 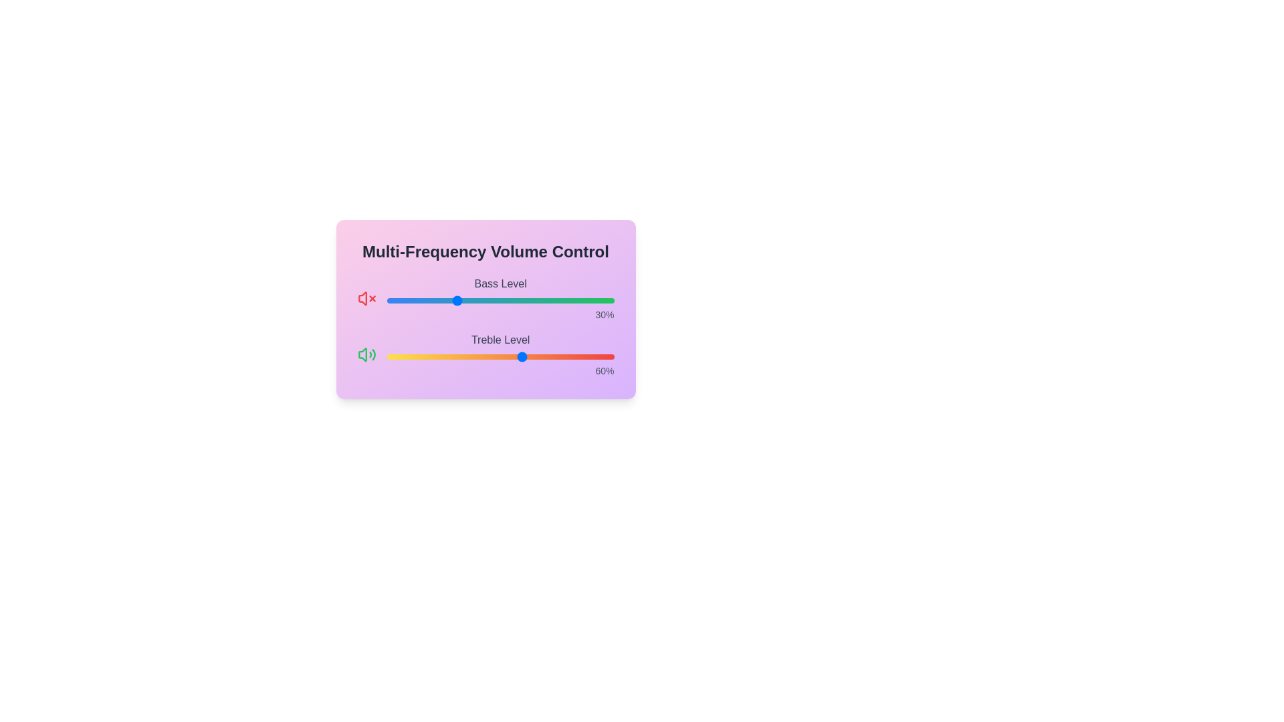 I want to click on the treble slider to set the treble level to 47, so click(x=493, y=356).